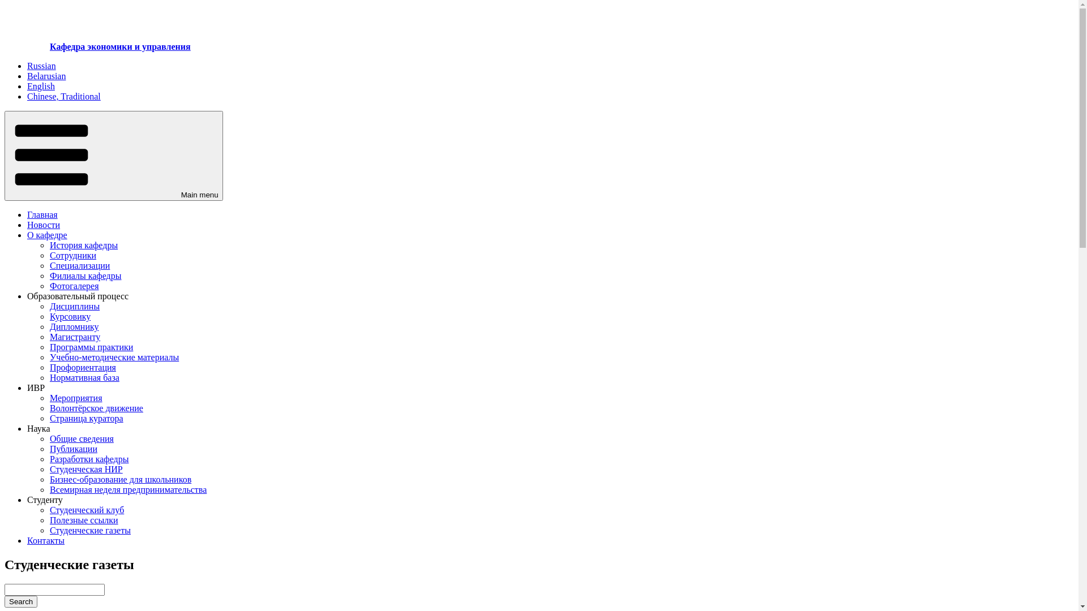 Image resolution: width=1087 pixels, height=611 pixels. Describe the element at coordinates (5, 601) in the screenshot. I see `'Search'` at that location.